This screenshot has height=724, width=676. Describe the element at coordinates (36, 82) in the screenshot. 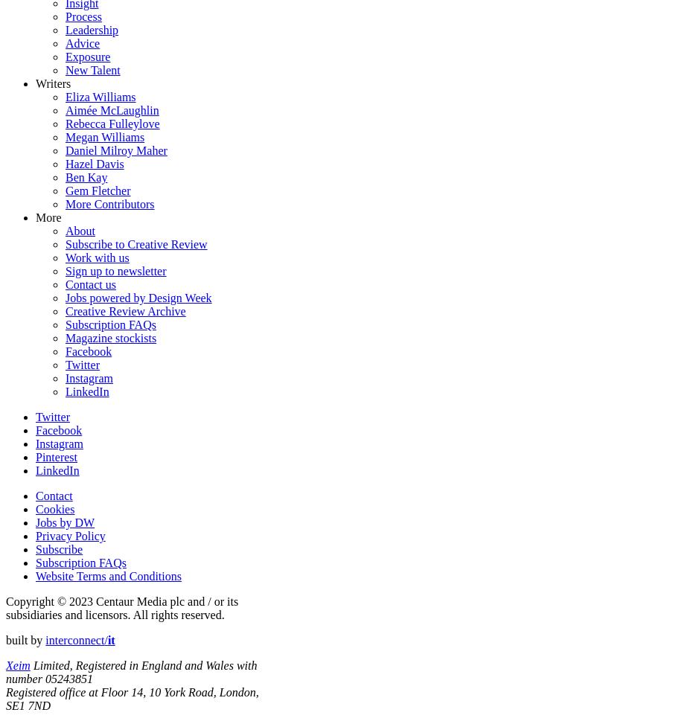

I see `'Writers'` at that location.